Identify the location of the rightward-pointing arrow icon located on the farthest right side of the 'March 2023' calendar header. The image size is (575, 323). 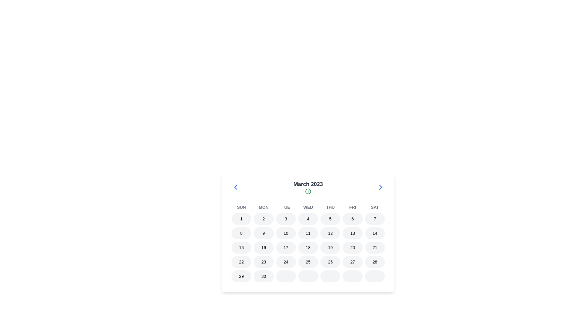
(380, 187).